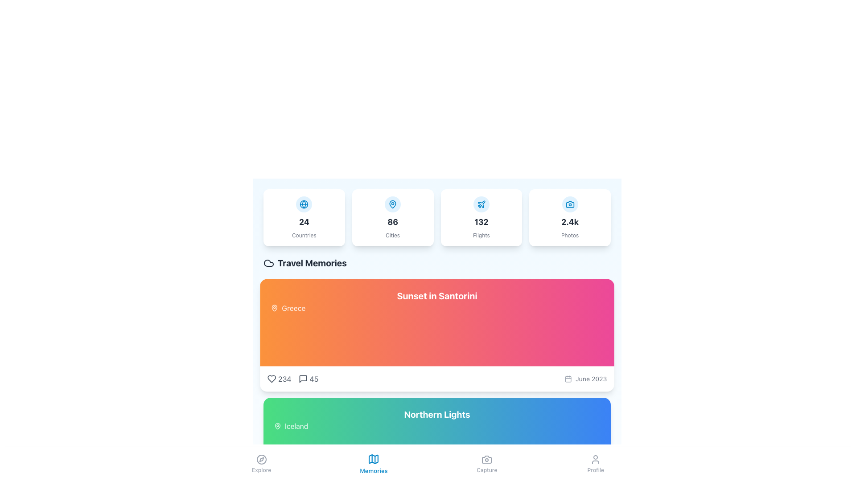 The height and width of the screenshot is (481, 856). What do you see at coordinates (277, 425) in the screenshot?
I see `the map pin icon, which is a minimalistic line-drawn style icon with a circular fill and pointed base, located next to the text 'Iceland' in the green section labeled 'Northern Lights'` at bounding box center [277, 425].